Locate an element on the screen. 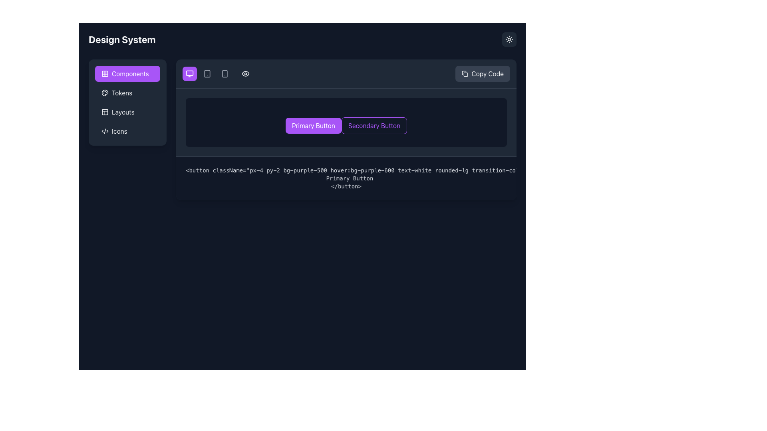 This screenshot has height=431, width=767. the second icon from the left in the horizontal toolbar at the top-center section of the interface, which visually represents a tablet device is located at coordinates (207, 74).